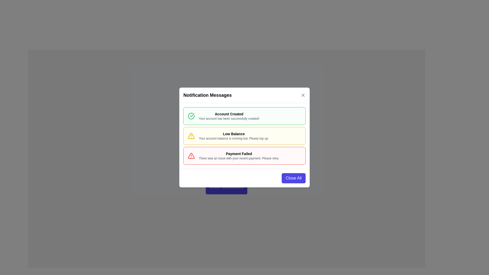 The width and height of the screenshot is (489, 275). Describe the element at coordinates (303, 95) in the screenshot. I see `the small 'X' icon close button located at the top-right corner of the 'Notification Messages' header section` at that location.